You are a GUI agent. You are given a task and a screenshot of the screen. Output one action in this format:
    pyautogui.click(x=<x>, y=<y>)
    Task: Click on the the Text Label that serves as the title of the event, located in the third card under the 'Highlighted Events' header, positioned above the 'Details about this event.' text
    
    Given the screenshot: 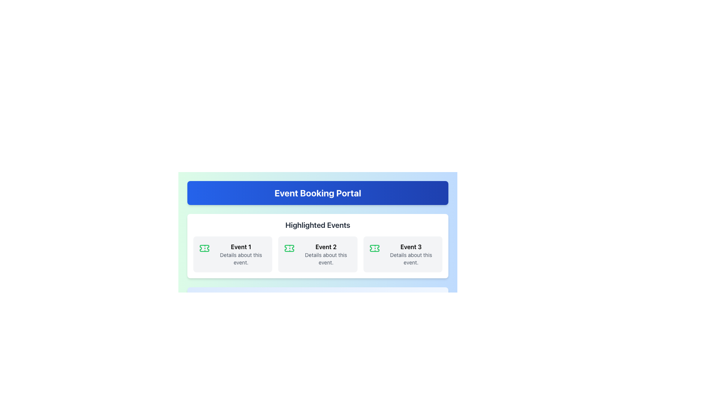 What is the action you would take?
    pyautogui.click(x=411, y=247)
    